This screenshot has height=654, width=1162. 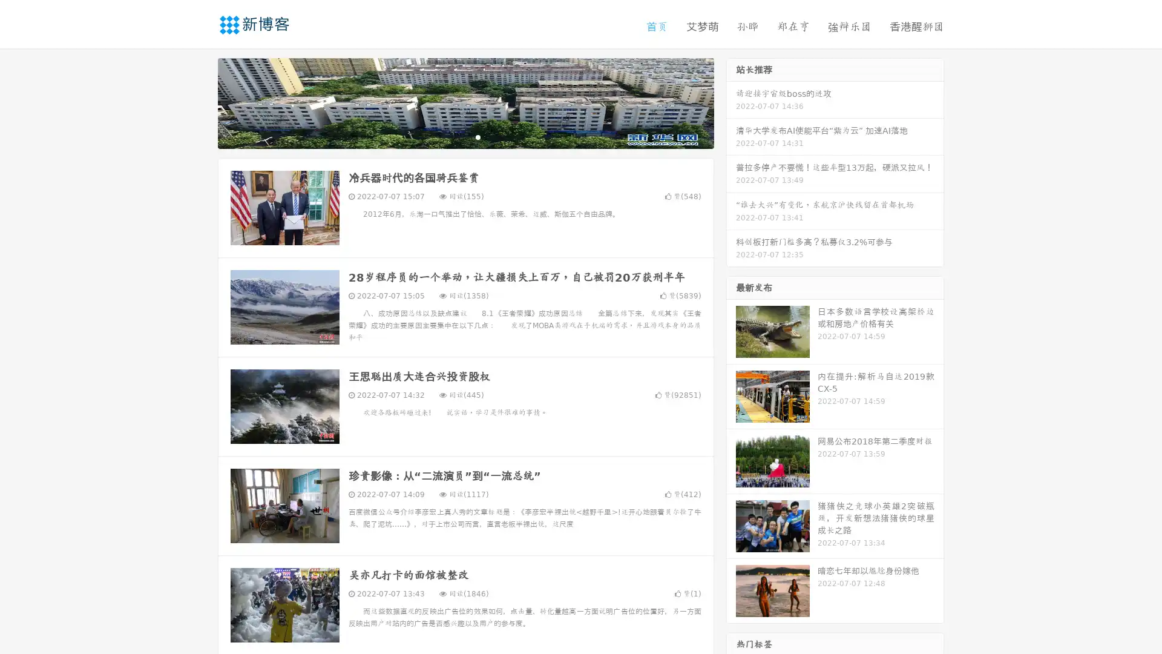 What do you see at coordinates (478, 136) in the screenshot?
I see `Go to slide 3` at bounding box center [478, 136].